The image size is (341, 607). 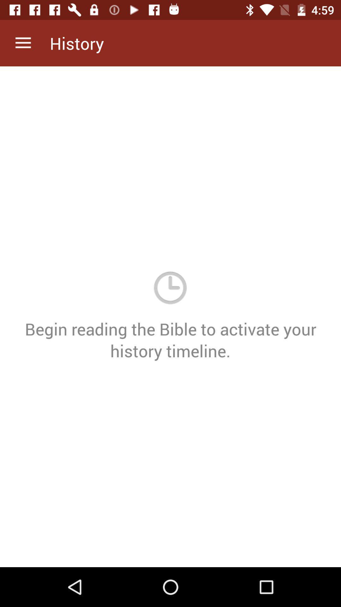 I want to click on the icon next to history icon, so click(x=23, y=43).